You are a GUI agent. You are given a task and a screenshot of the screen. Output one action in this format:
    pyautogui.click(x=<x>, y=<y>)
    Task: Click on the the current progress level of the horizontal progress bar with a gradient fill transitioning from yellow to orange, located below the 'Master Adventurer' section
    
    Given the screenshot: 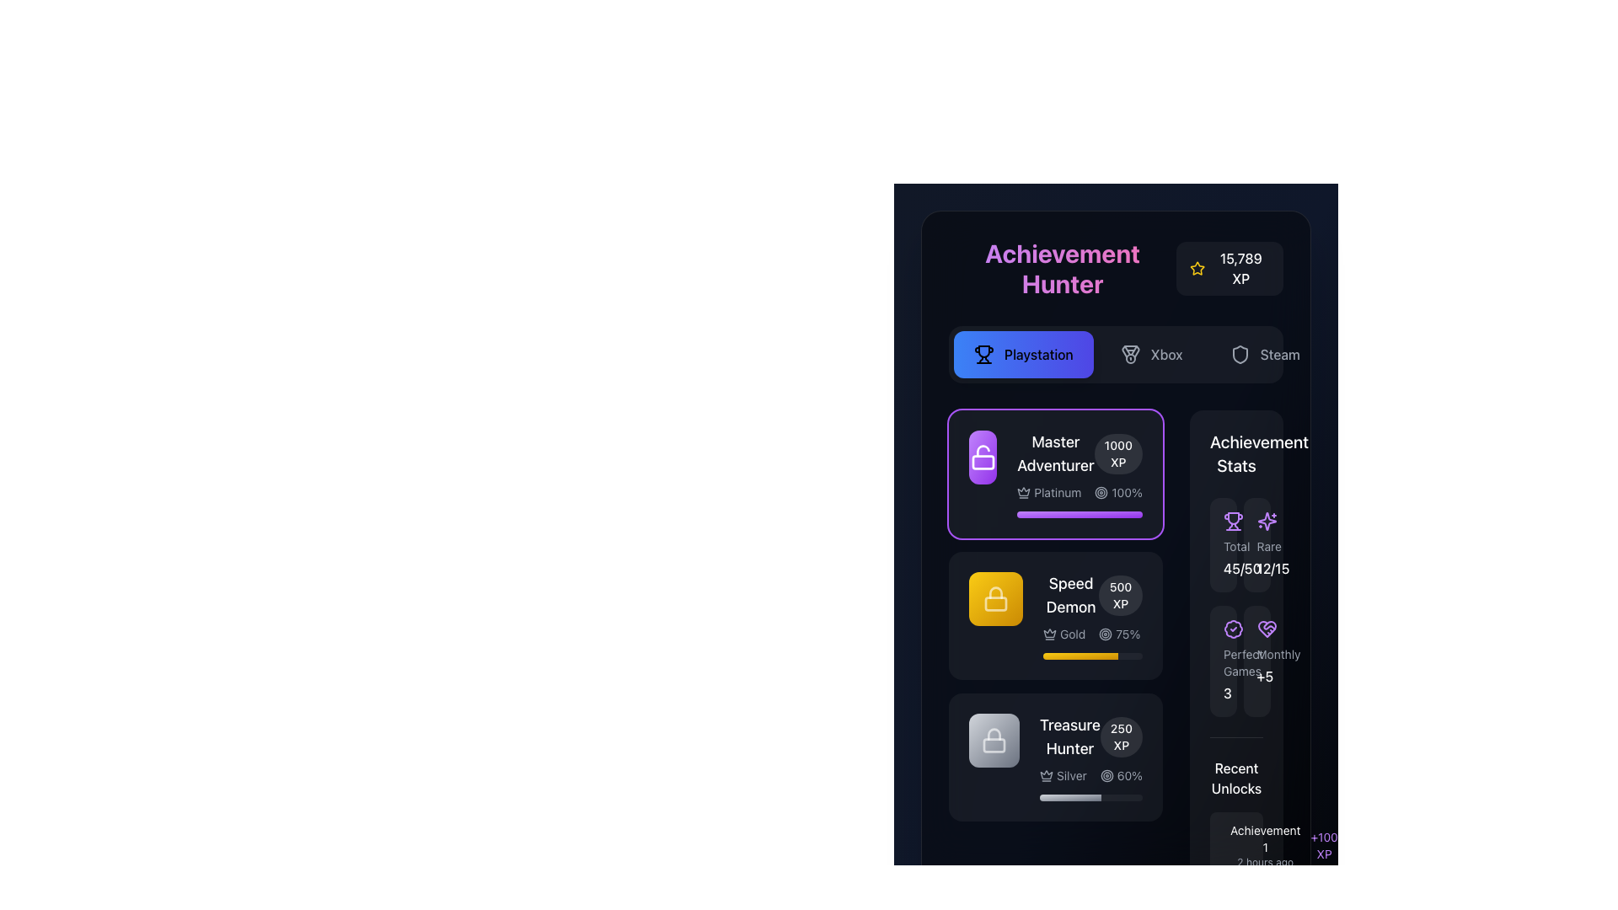 What is the action you would take?
    pyautogui.click(x=1080, y=656)
    